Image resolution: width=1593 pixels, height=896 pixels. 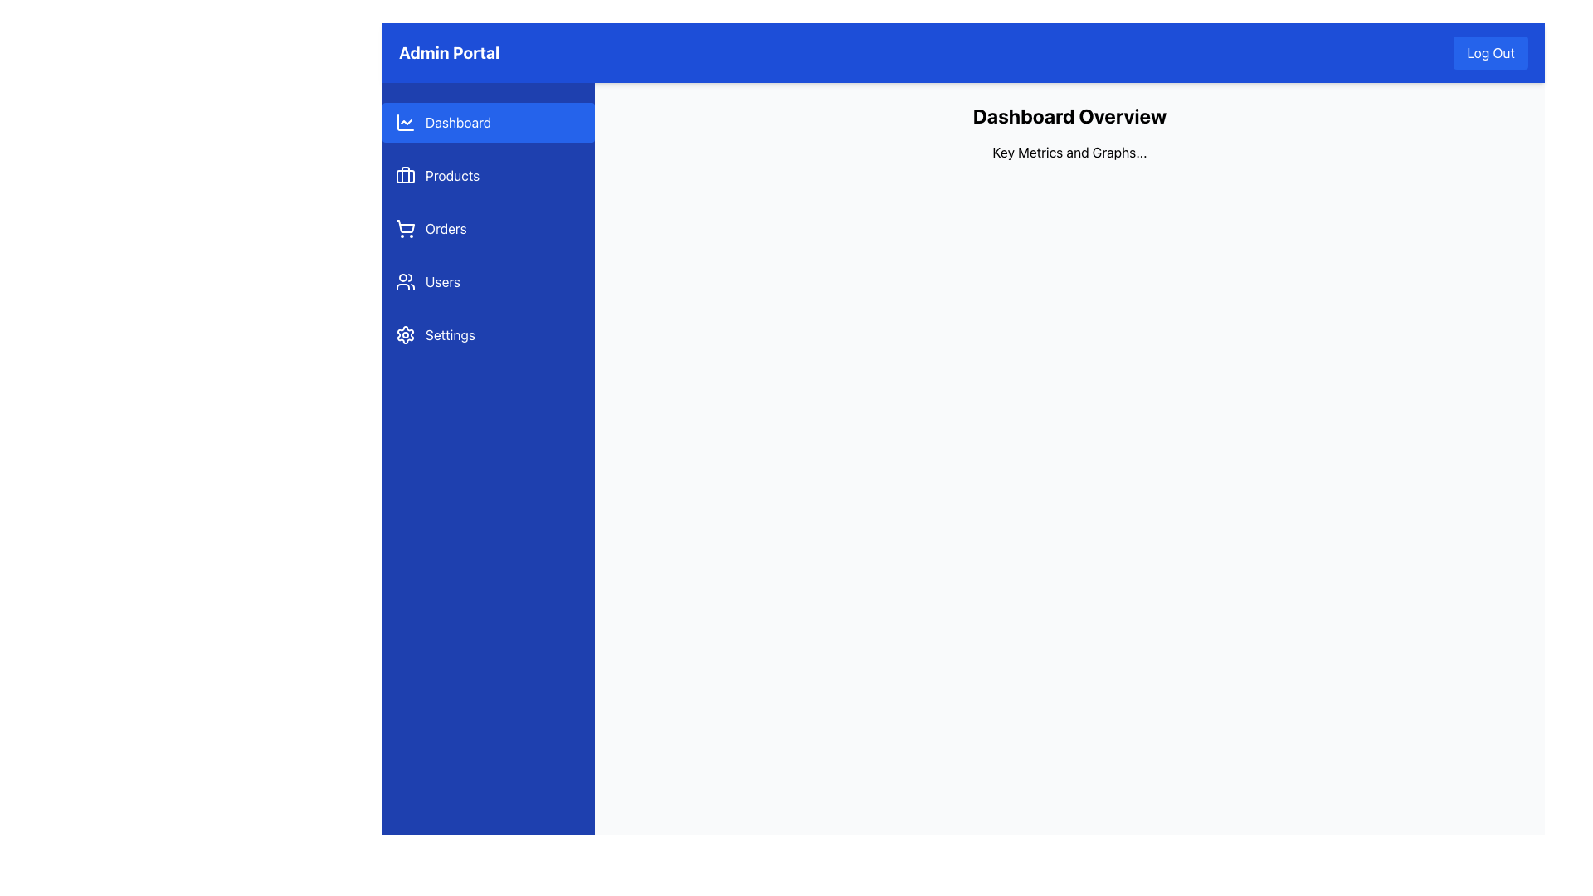 I want to click on the Text Label indicating the upcoming section or content area beneath the 'Dashboard Overview' heading, so click(x=1069, y=153).